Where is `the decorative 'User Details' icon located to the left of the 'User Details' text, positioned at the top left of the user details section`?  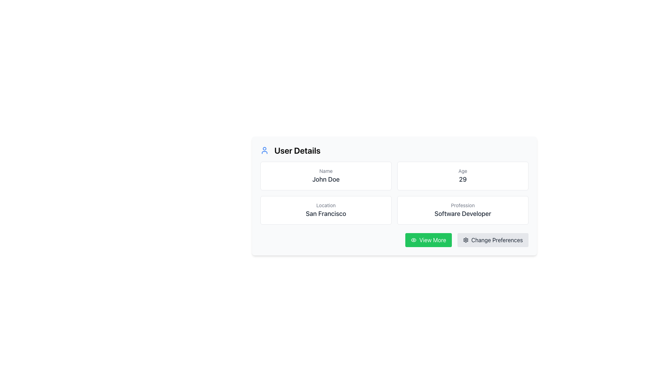
the decorative 'User Details' icon located to the left of the 'User Details' text, positioned at the top left of the user details section is located at coordinates (264, 150).